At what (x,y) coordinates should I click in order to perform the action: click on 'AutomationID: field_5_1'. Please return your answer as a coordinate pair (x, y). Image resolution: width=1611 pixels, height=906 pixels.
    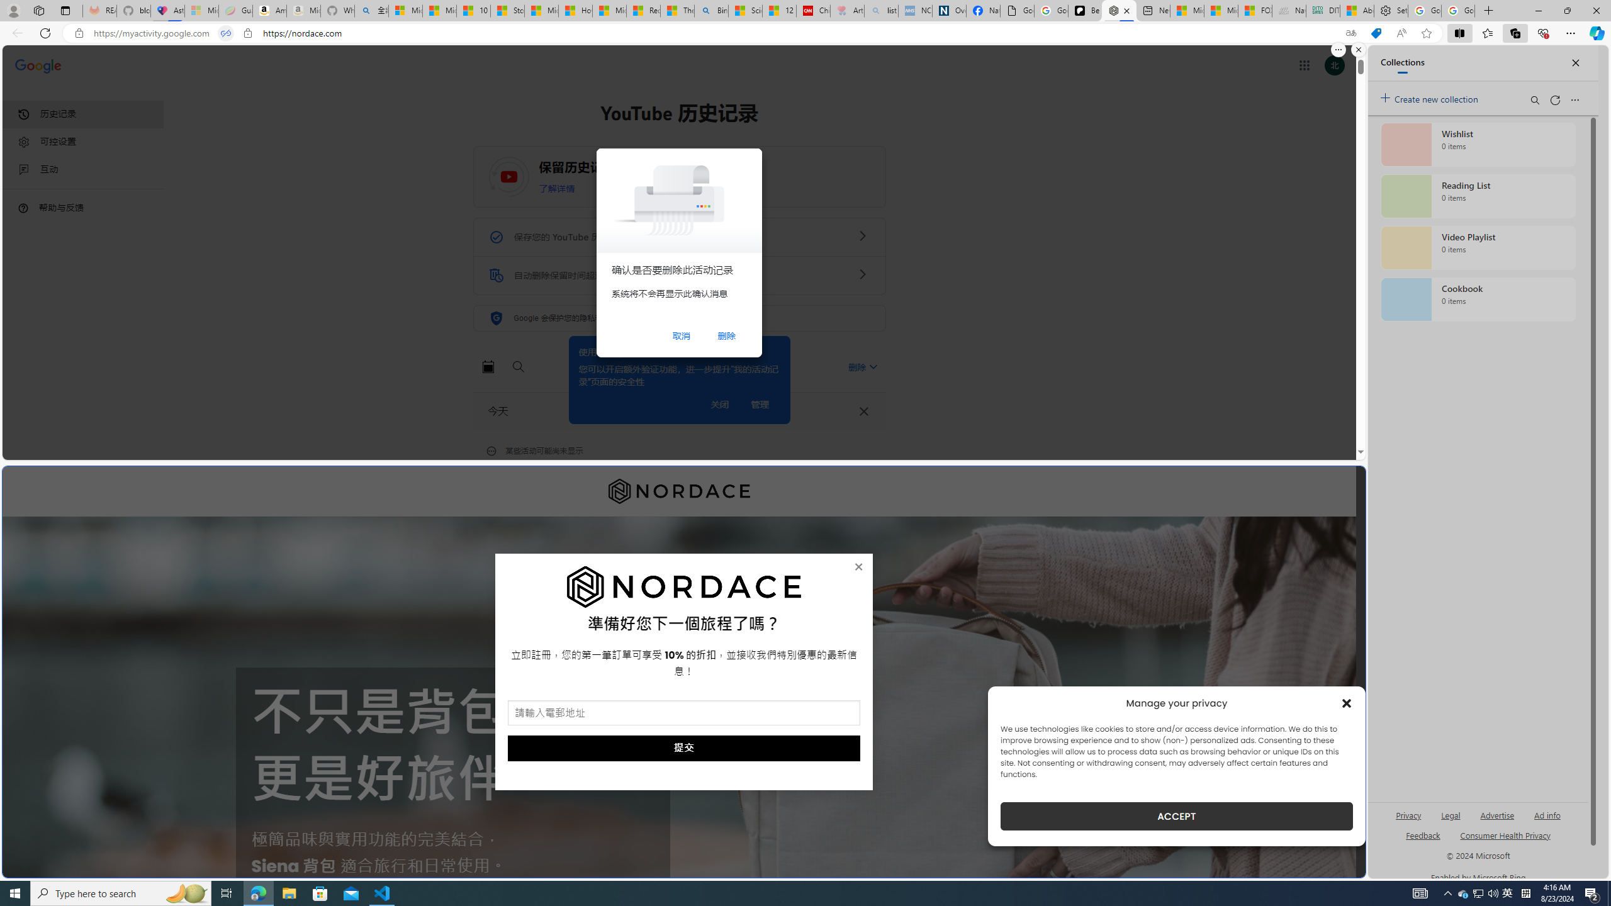
    Looking at the image, I should click on (683, 713).